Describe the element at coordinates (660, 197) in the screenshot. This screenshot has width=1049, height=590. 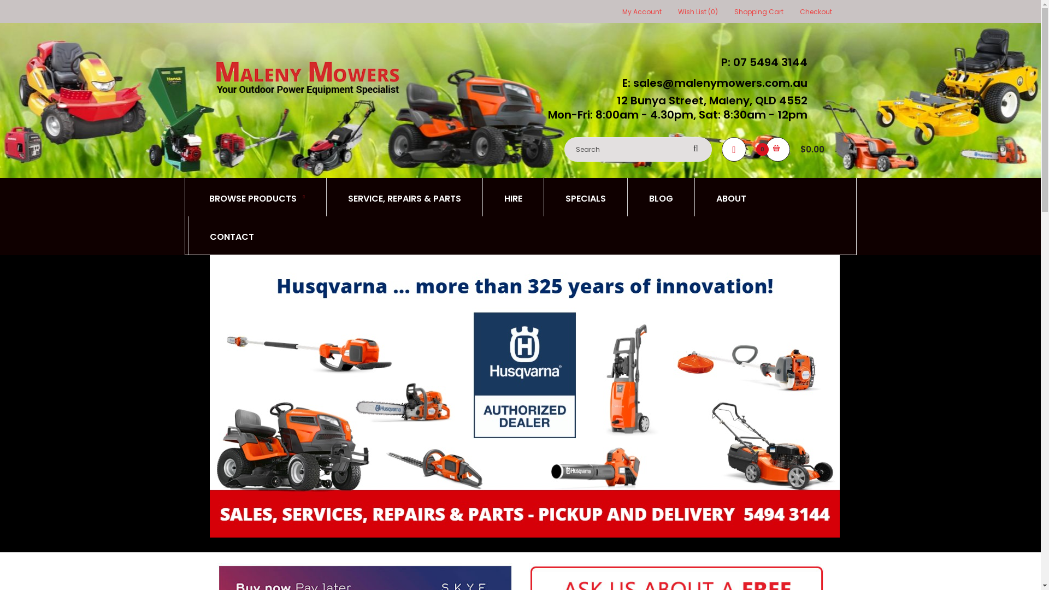
I see `'BLOG'` at that location.